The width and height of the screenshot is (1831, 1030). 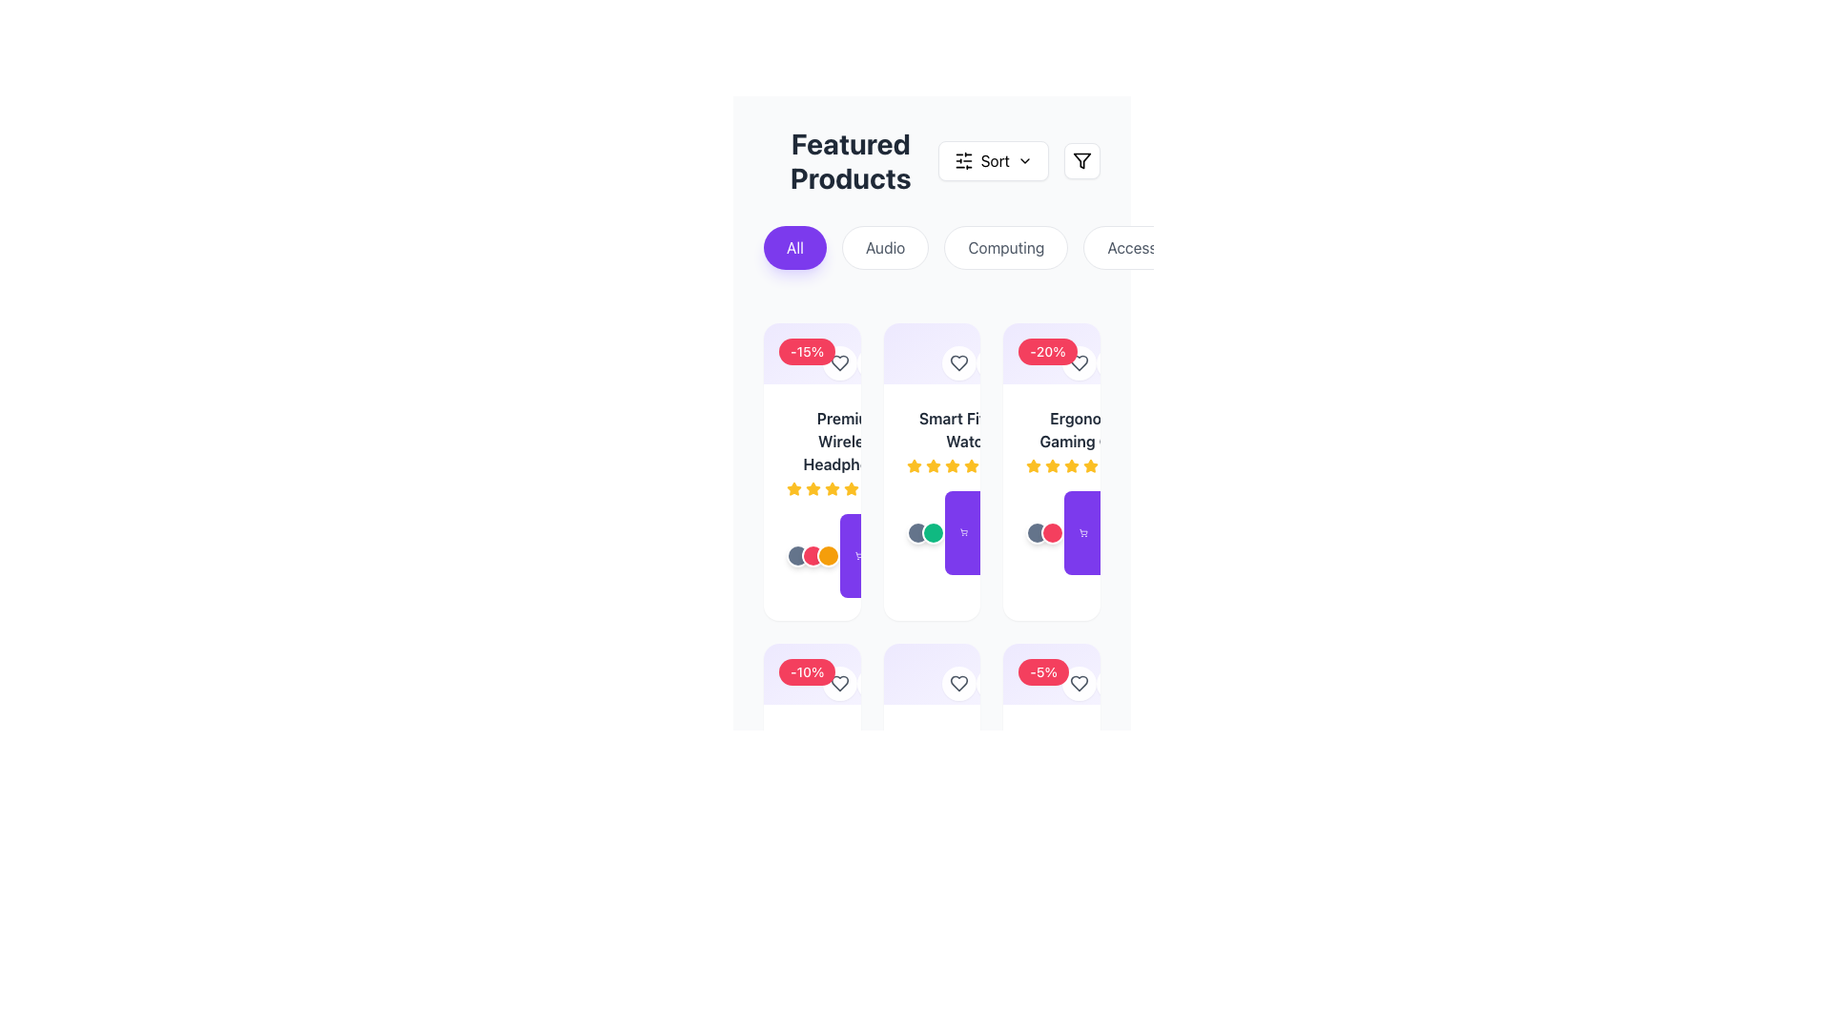 I want to click on the details displayed in the red badge label showing '-10%' located at the top-left corner of the product card, which is the second from the left in the bottom row of the product grid layout, so click(x=807, y=671).